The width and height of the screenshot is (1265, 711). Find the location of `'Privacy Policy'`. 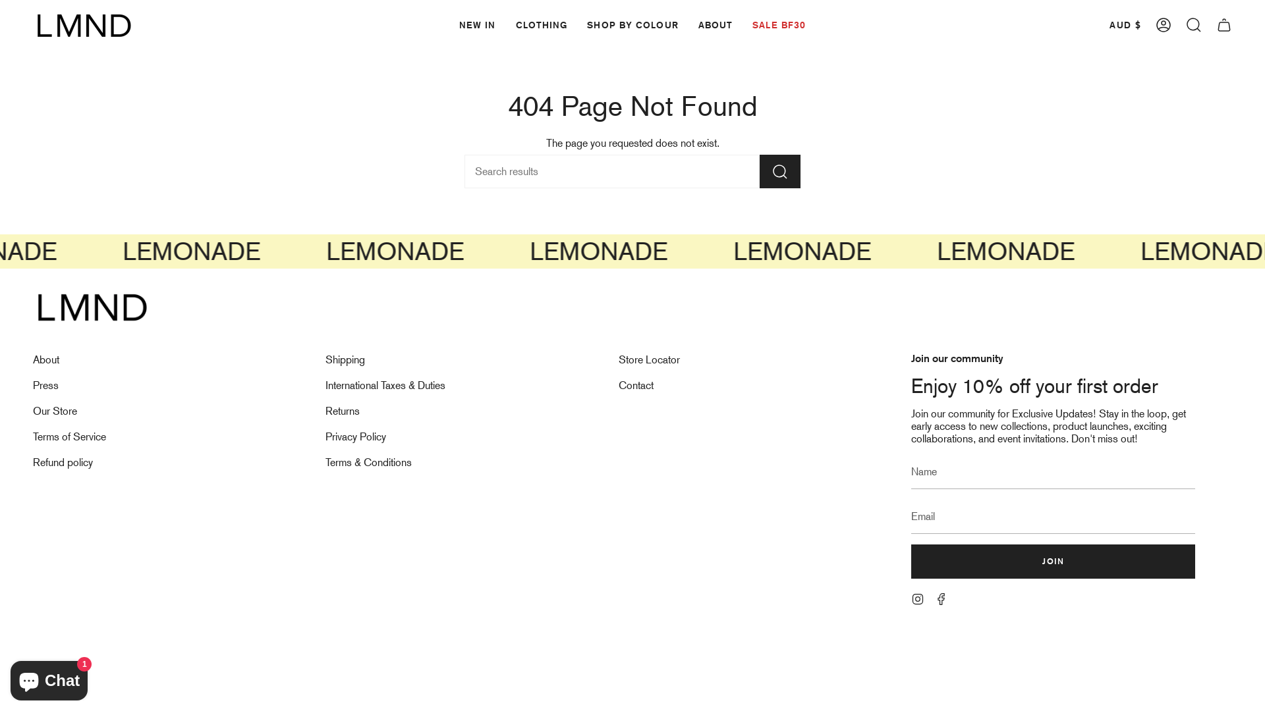

'Privacy Policy' is located at coordinates (355, 436).